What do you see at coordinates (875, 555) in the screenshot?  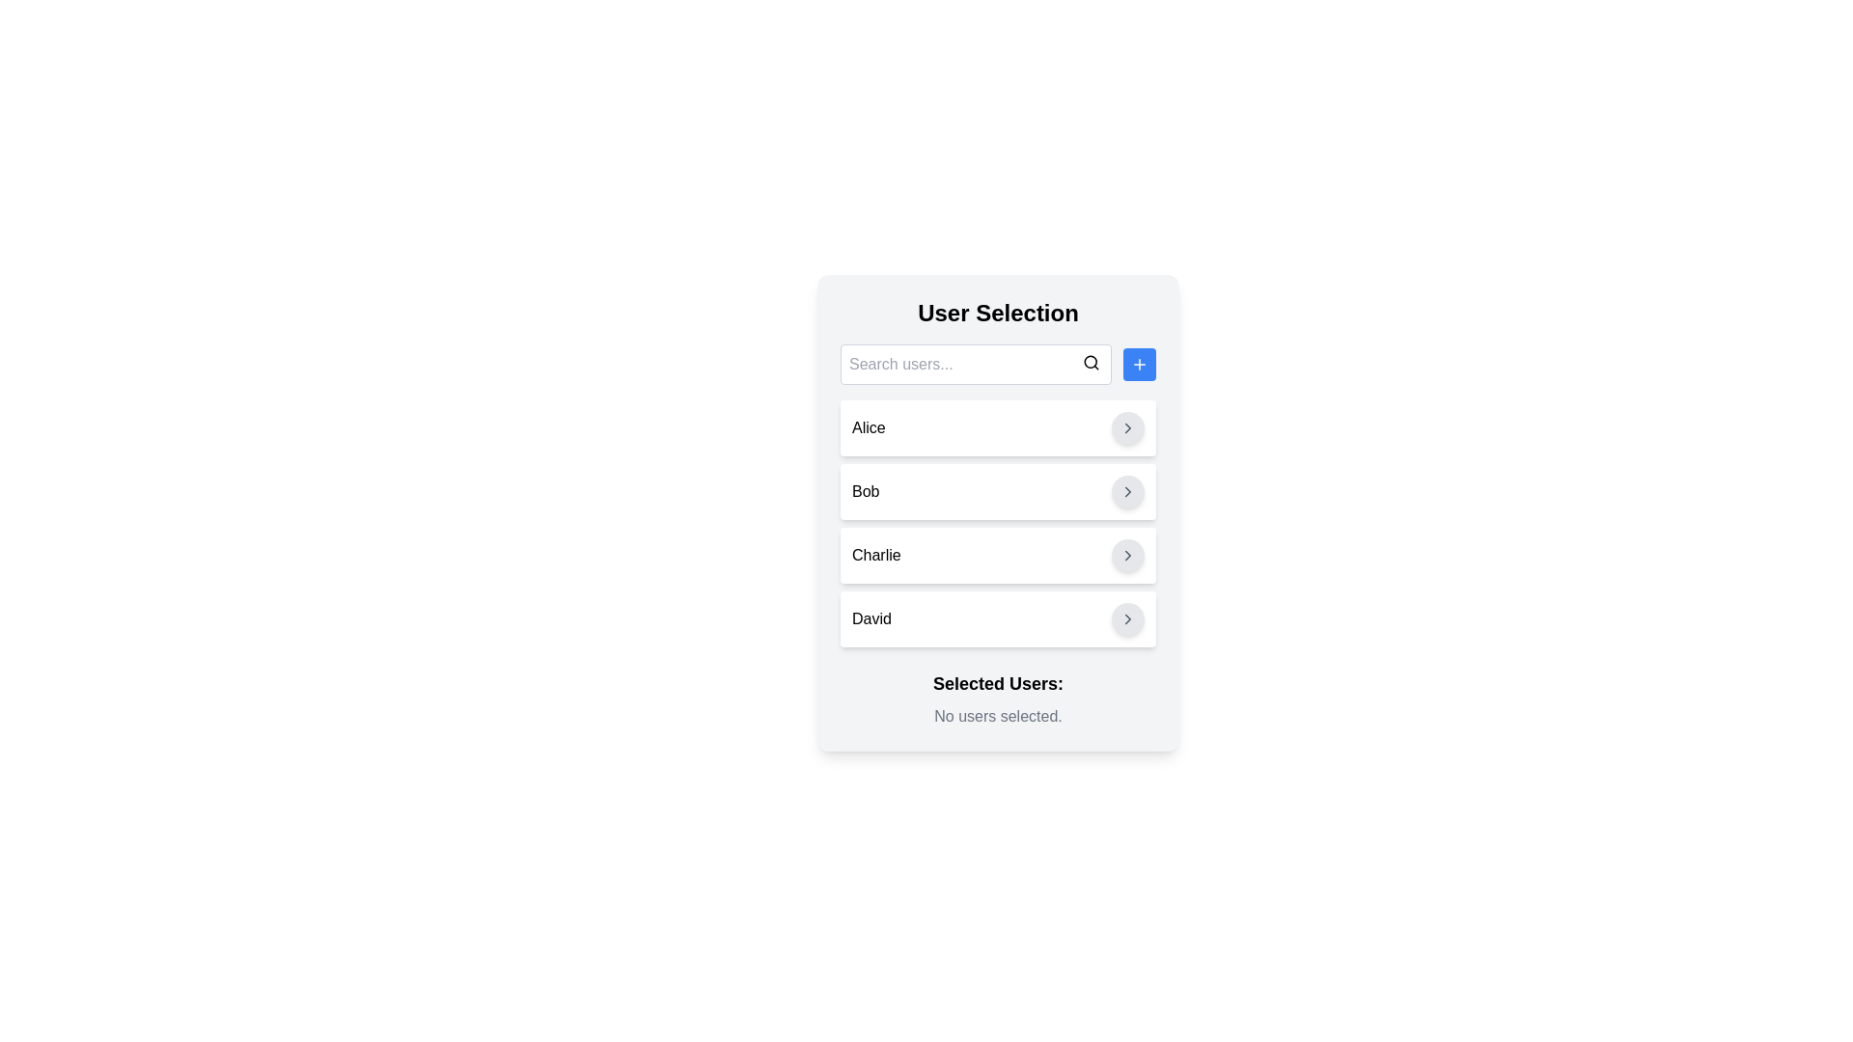 I see `the text label displaying the name 'Charlie' which is styled in black on a white background, located in the third card of a vertical list of user entries` at bounding box center [875, 555].